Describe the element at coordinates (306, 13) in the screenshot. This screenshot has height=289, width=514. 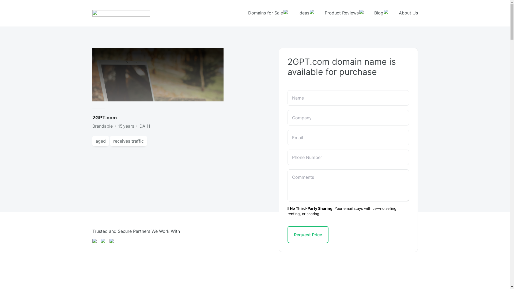
I see `'Ideas'` at that location.